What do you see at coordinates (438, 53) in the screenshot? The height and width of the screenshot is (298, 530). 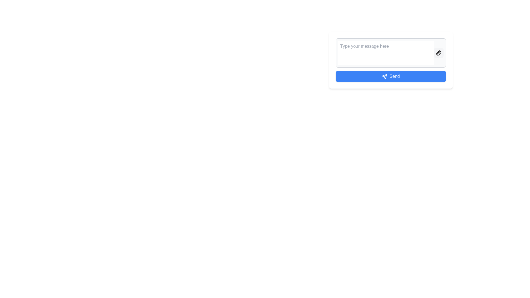 I see `the decorative paperclip icon located in the upper-right widget, to the right of the text input box` at bounding box center [438, 53].